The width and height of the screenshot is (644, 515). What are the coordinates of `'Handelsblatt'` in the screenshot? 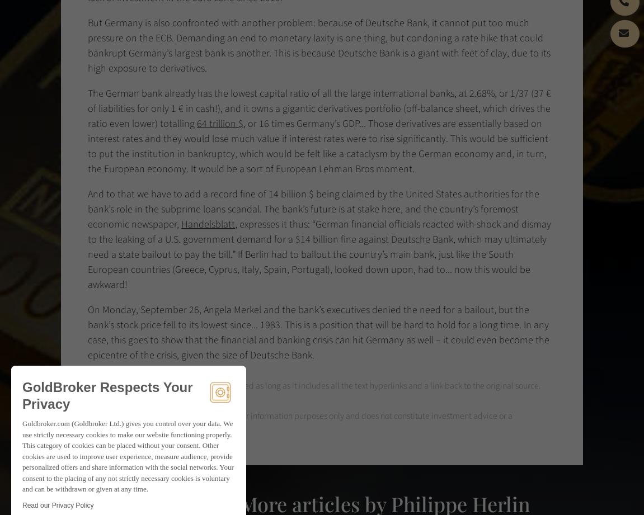 It's located at (208, 224).